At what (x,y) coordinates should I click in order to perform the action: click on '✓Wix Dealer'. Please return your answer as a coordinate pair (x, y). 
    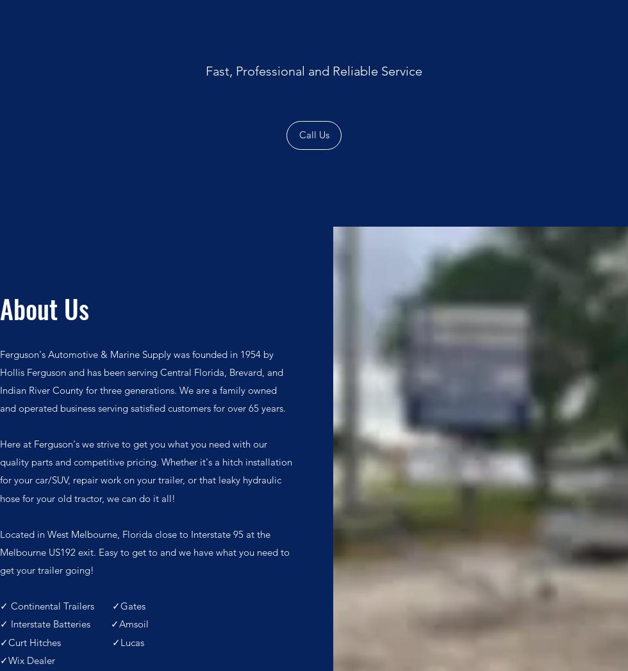
    Looking at the image, I should click on (0, 659).